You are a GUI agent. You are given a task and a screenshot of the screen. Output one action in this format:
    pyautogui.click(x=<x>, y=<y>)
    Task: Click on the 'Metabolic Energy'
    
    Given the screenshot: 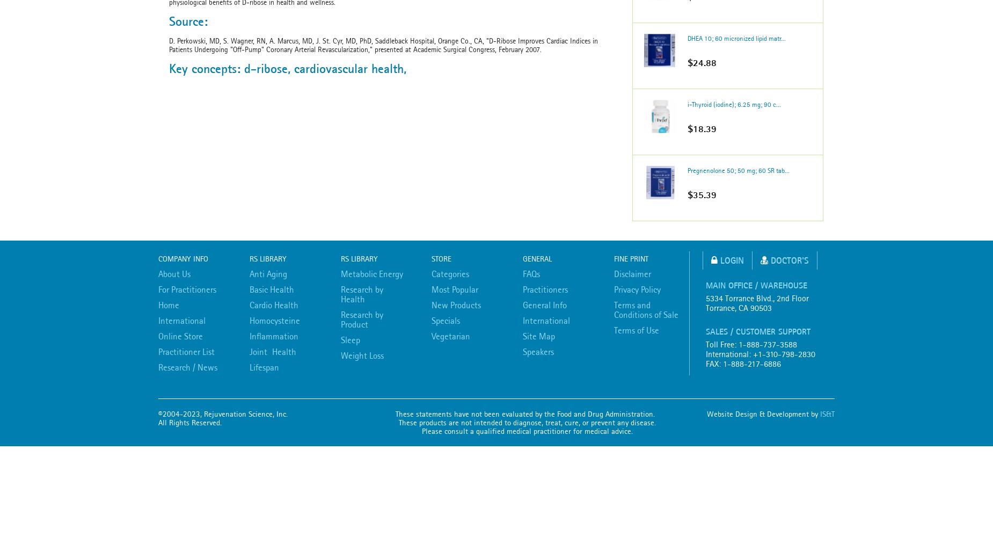 What is the action you would take?
    pyautogui.click(x=371, y=274)
    